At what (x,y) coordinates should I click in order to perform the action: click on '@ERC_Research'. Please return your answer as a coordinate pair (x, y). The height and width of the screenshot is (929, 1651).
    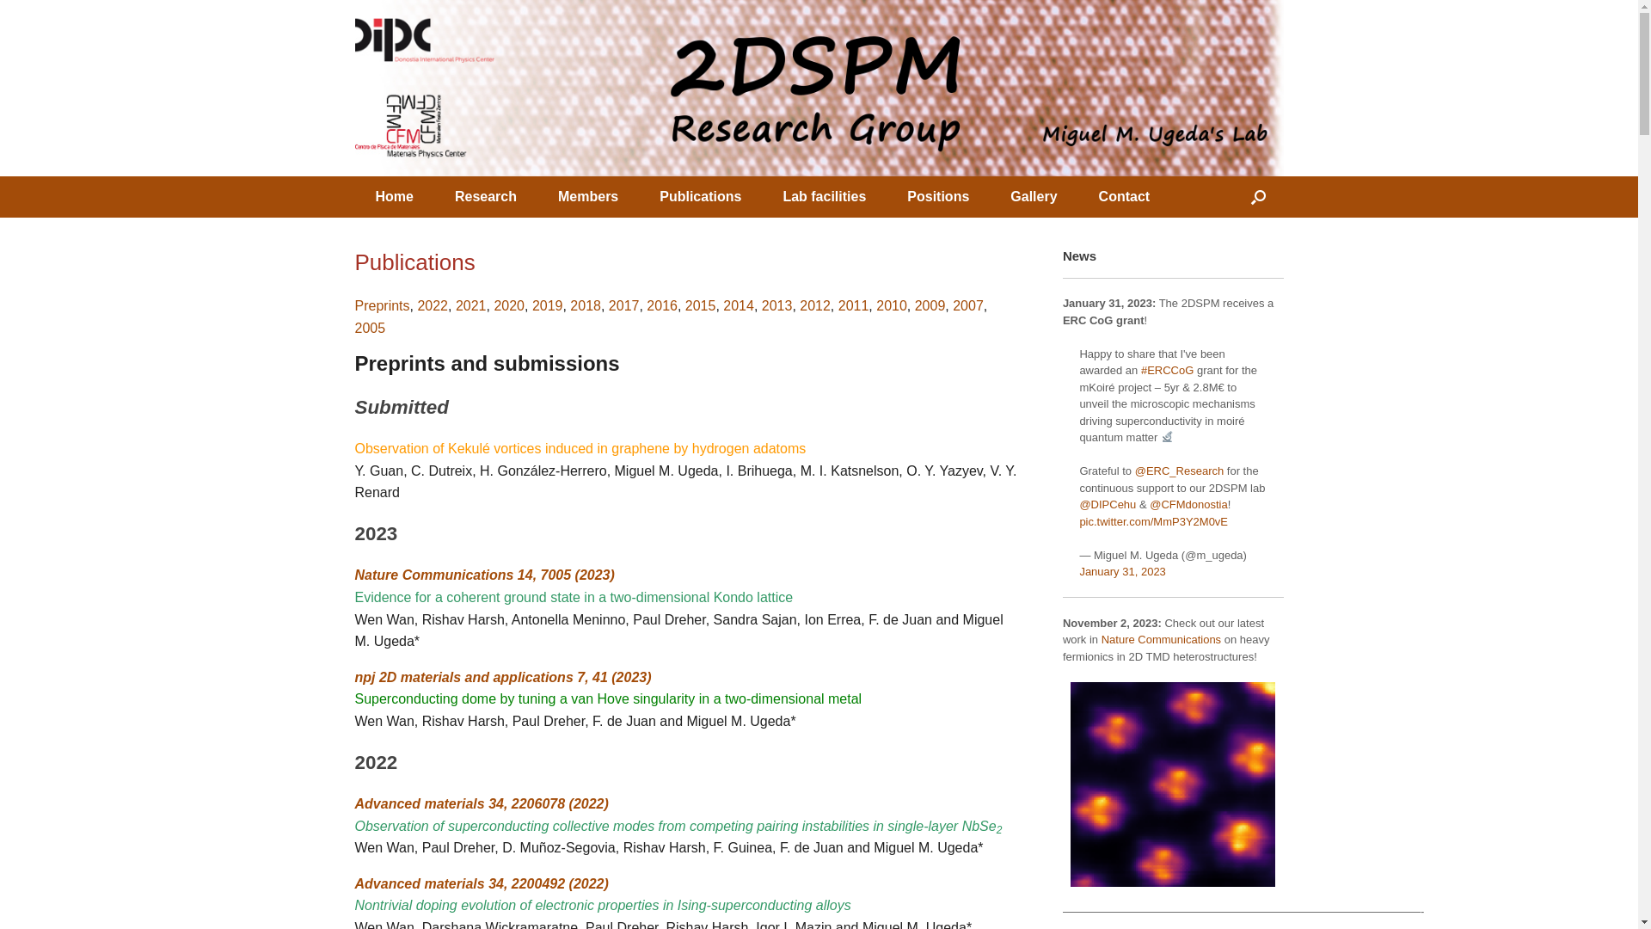
    Looking at the image, I should click on (1179, 471).